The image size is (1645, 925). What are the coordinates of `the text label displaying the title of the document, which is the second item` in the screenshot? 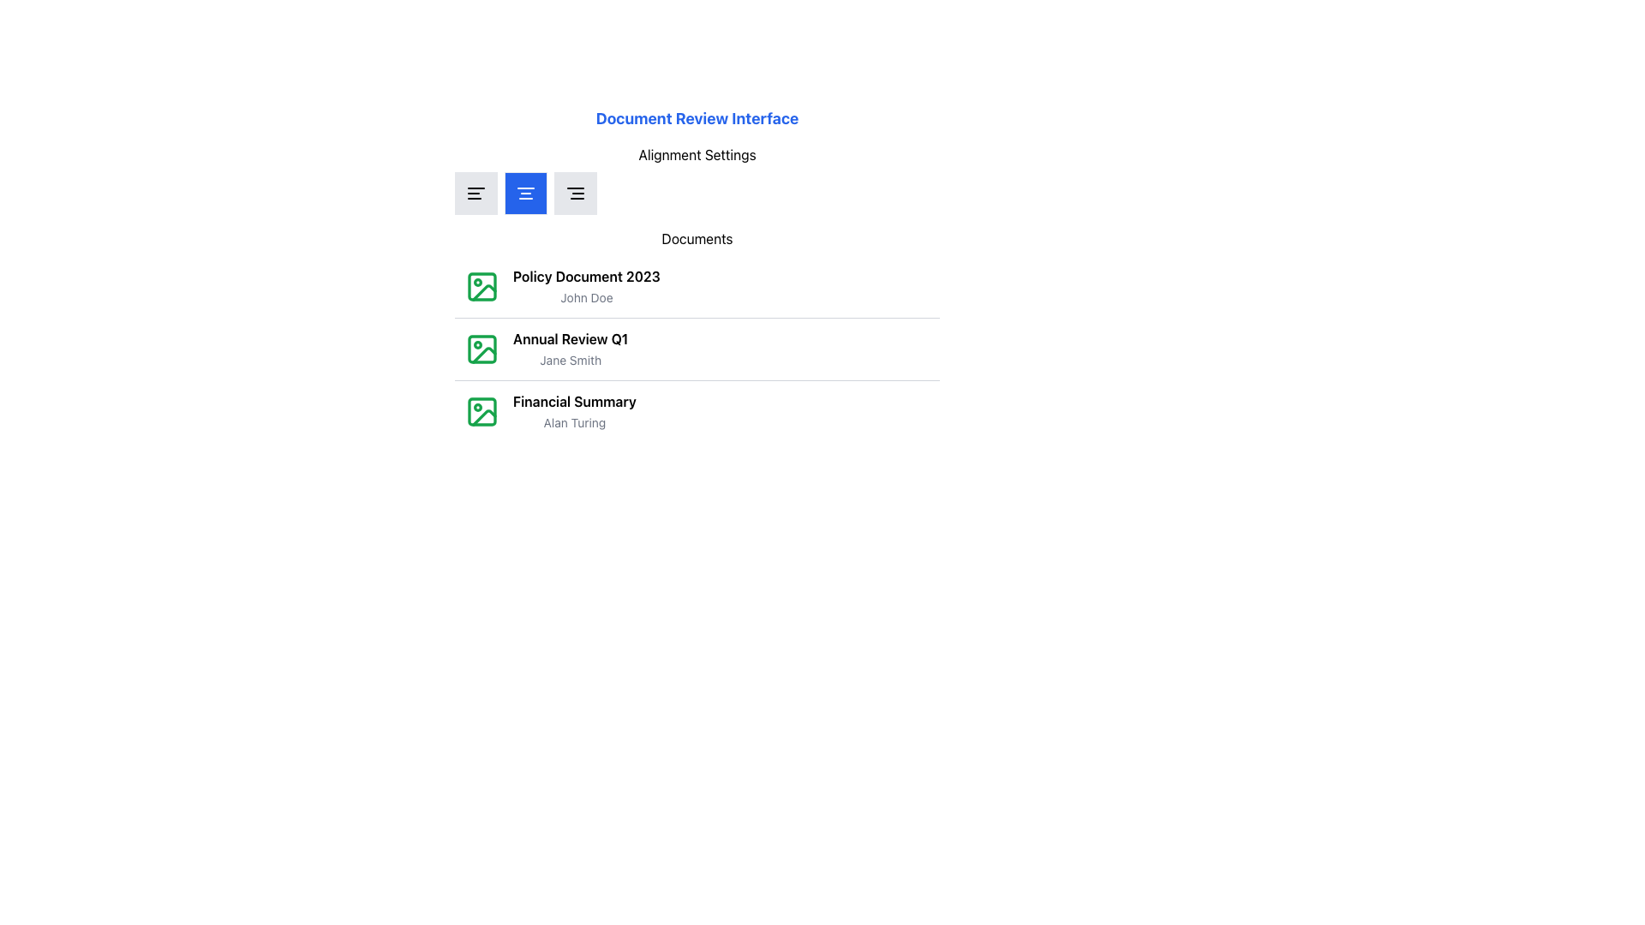 It's located at (571, 339).